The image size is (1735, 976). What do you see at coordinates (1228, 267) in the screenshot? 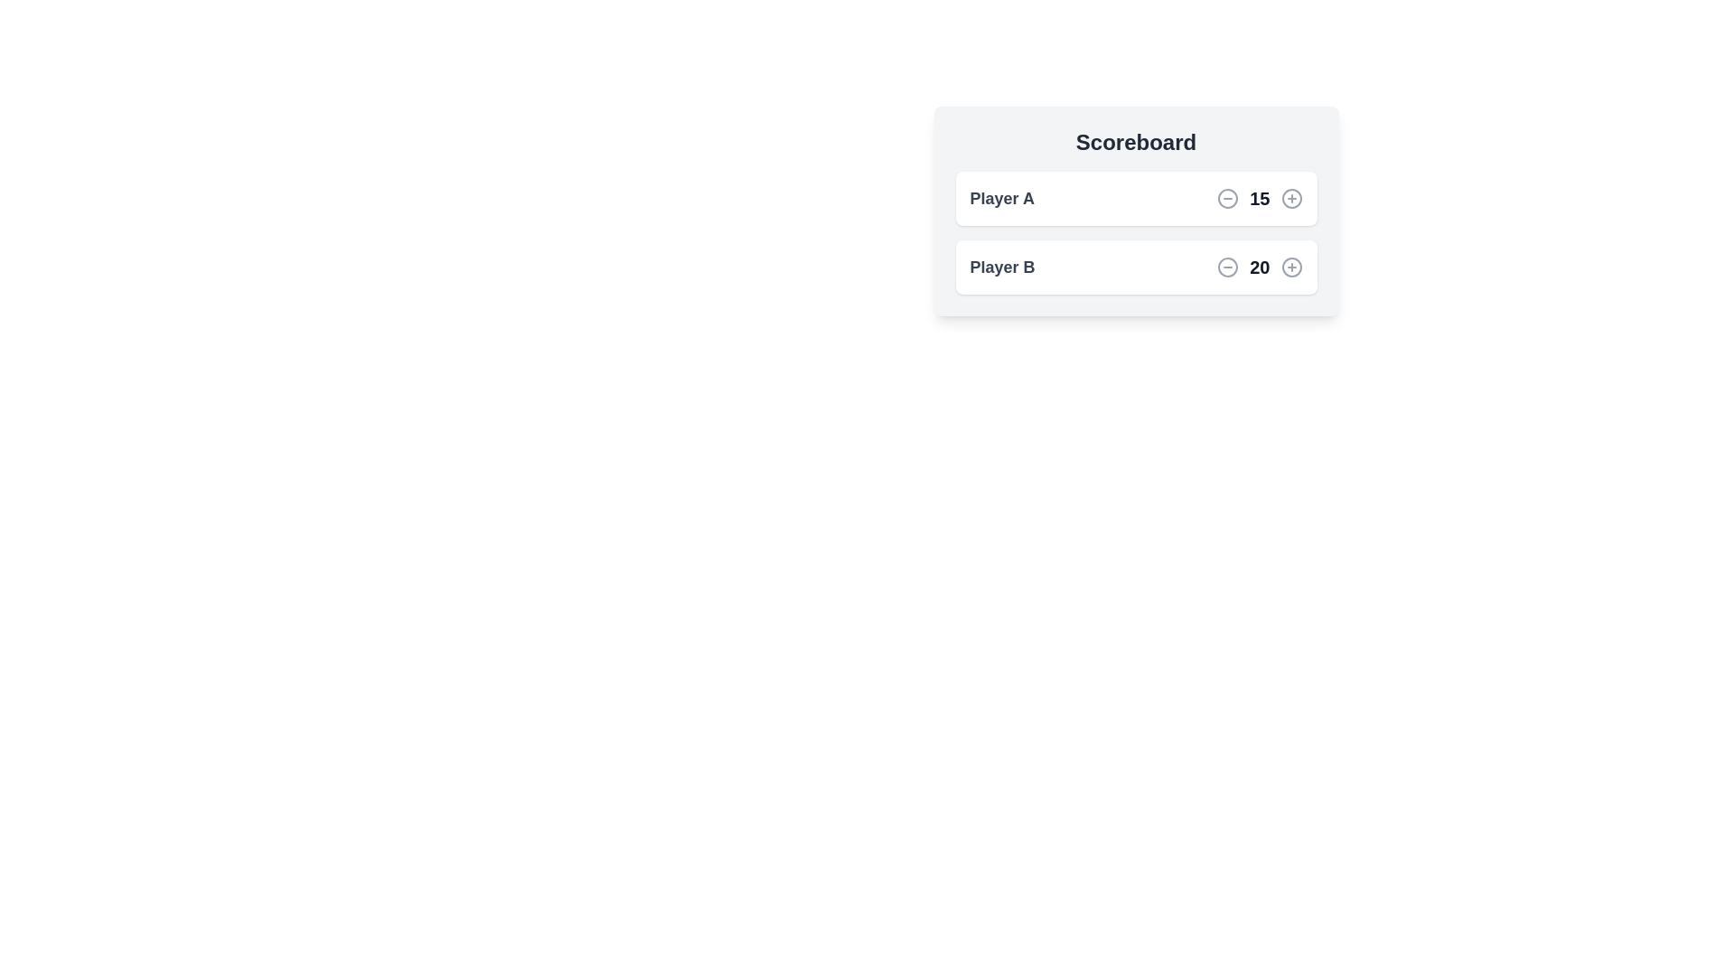
I see `the inner circle component of the minus-circle icon in the scoreboard UI associated with 'Player B'` at bounding box center [1228, 267].